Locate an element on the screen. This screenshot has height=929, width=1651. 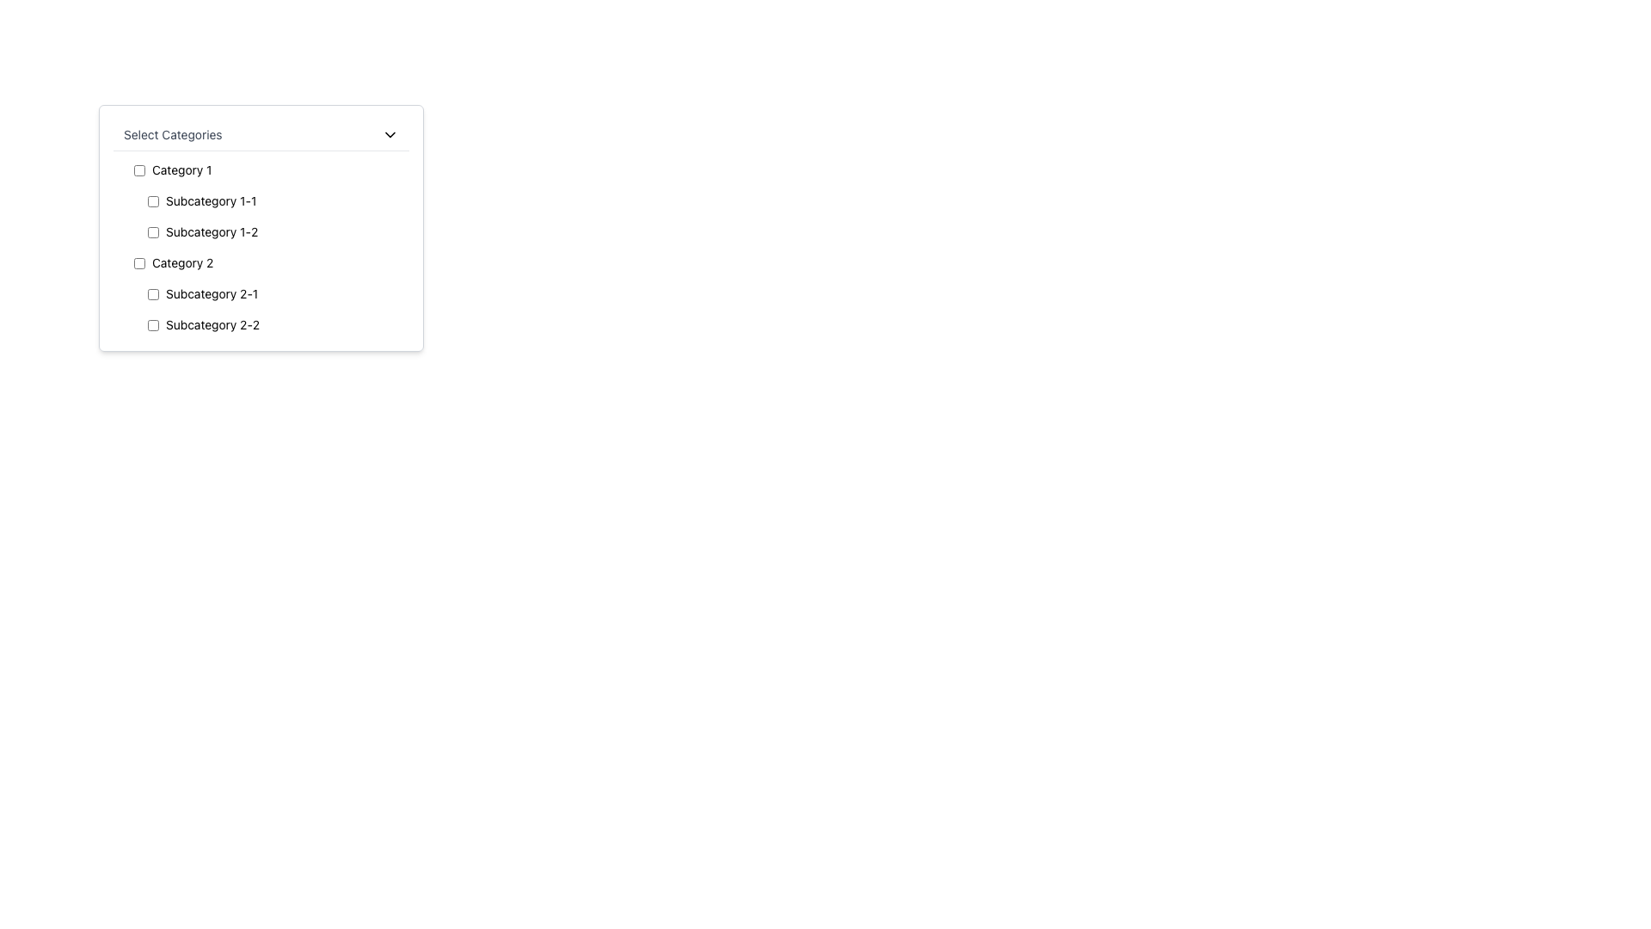
the checkbox for 'Subcategory 1-1' is located at coordinates (275, 200).